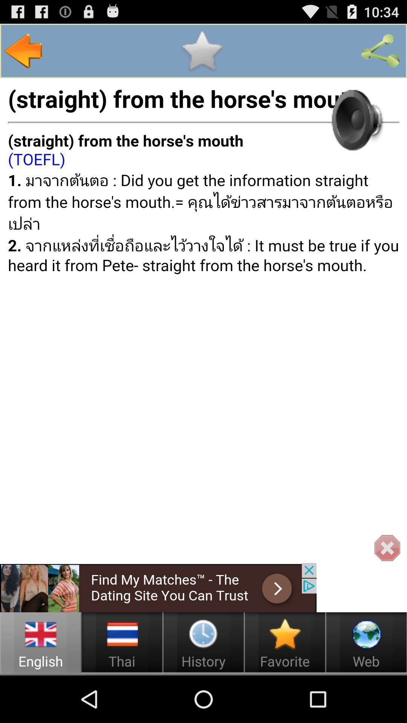 The image size is (407, 723). Describe the element at coordinates (201, 50) in the screenshot. I see `to favorites button` at that location.